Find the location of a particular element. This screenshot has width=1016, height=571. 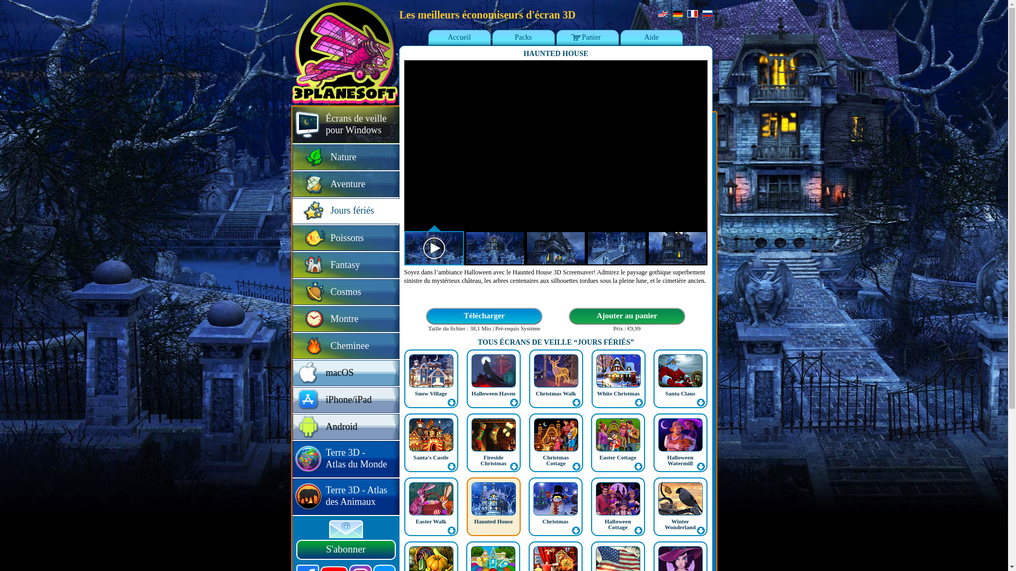

'Poissons' is located at coordinates (345, 238).